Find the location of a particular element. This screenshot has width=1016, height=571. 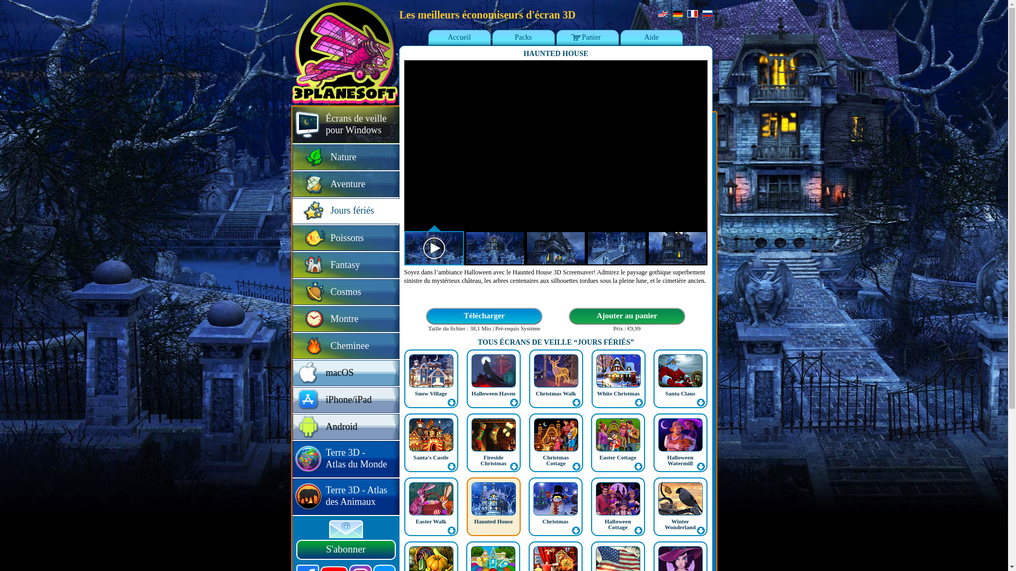

'Poissons' is located at coordinates (345, 238).